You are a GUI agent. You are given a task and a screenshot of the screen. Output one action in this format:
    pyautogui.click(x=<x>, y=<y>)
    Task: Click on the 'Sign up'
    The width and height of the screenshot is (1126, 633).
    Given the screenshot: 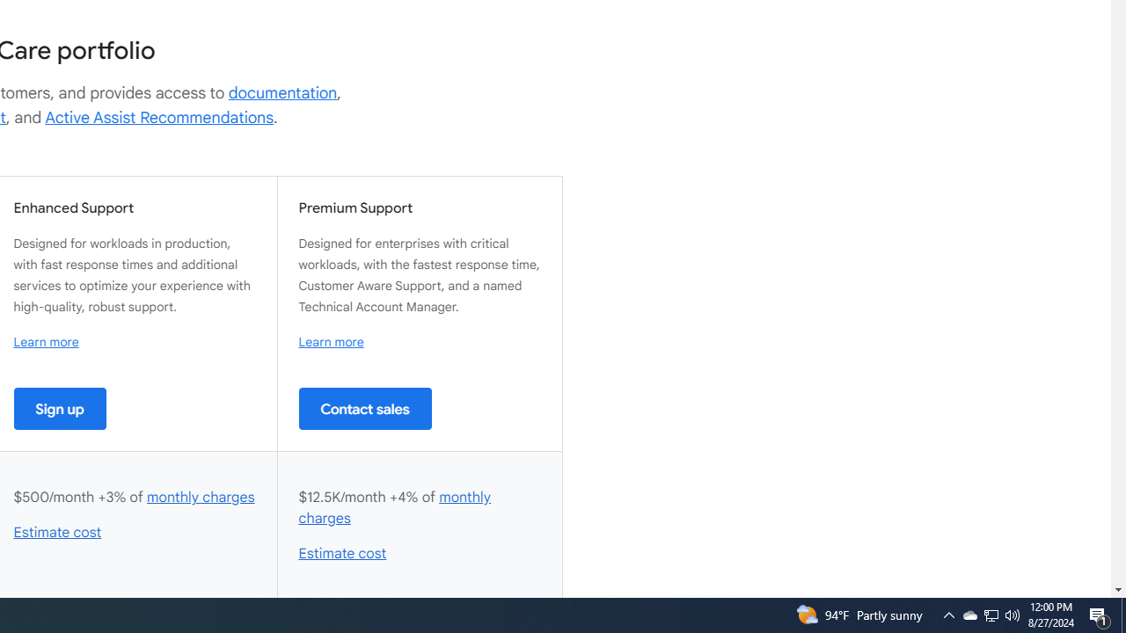 What is the action you would take?
    pyautogui.click(x=60, y=408)
    